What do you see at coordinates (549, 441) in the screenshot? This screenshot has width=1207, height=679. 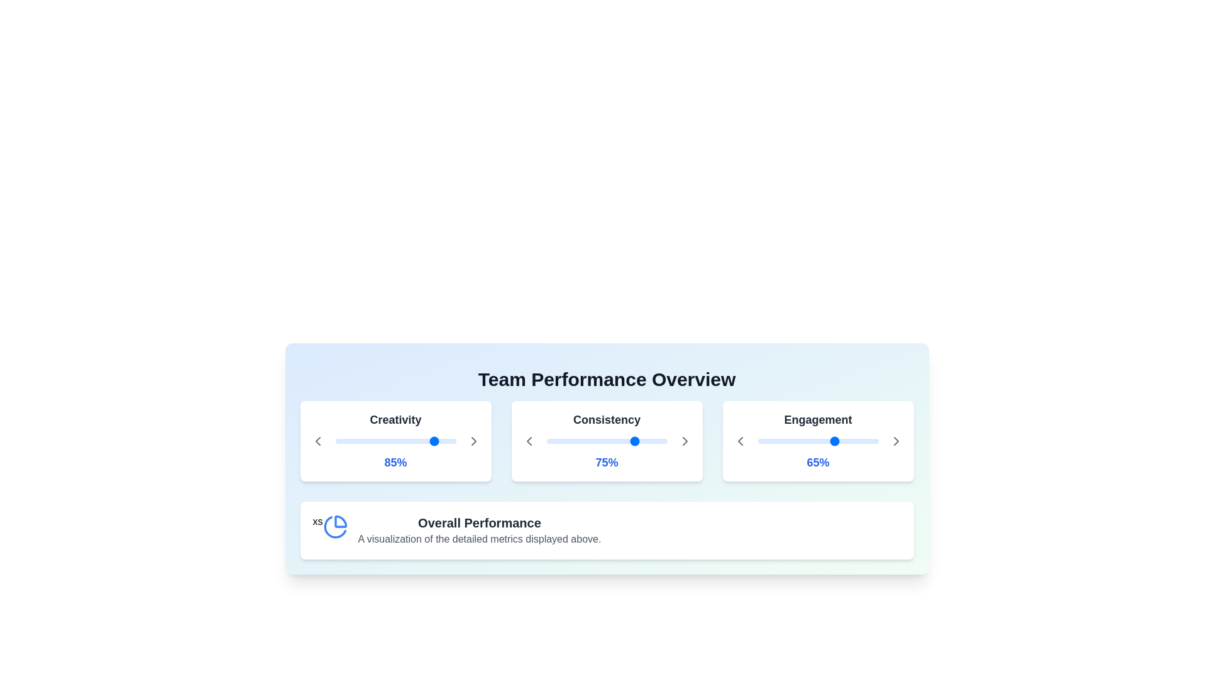 I see `the consistency score` at bounding box center [549, 441].